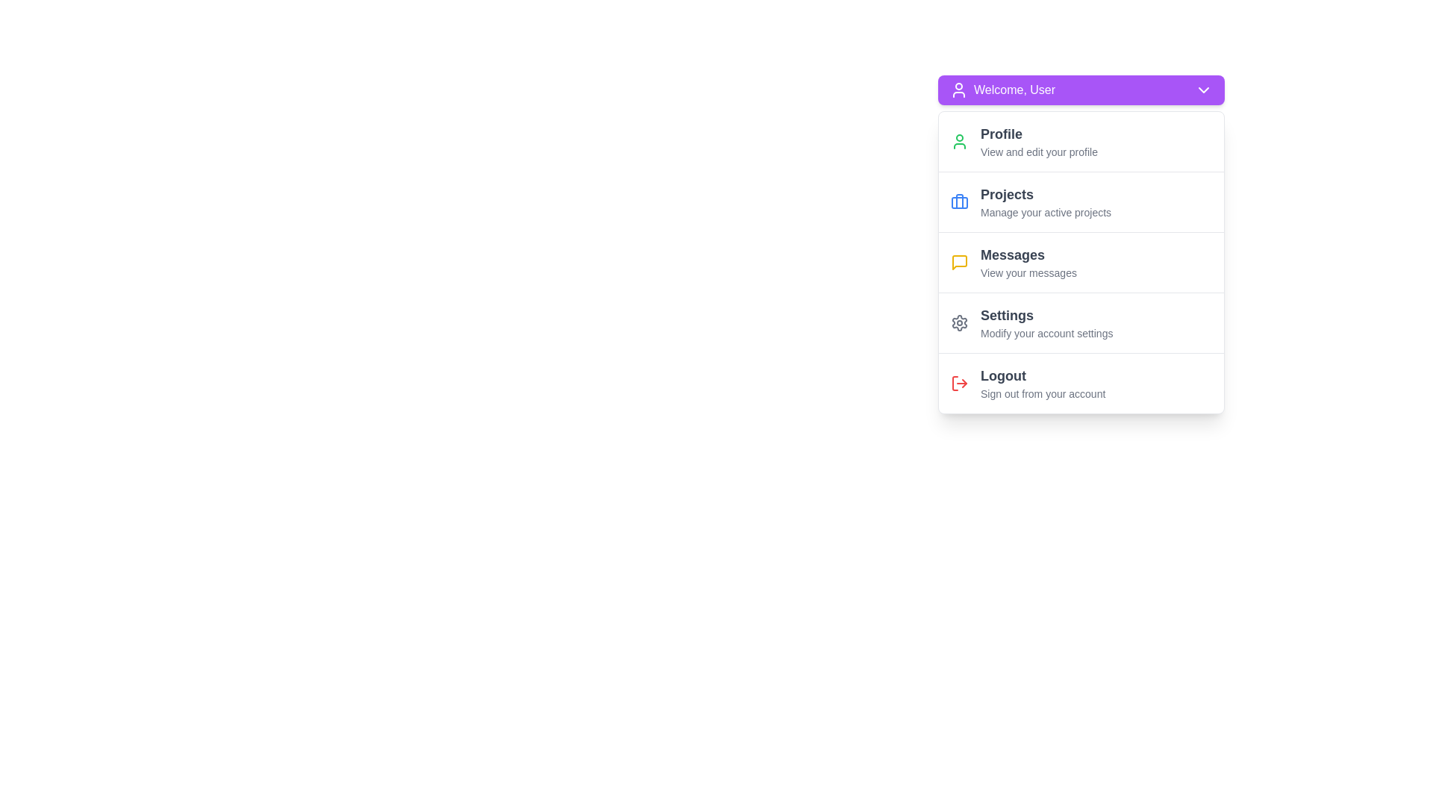 This screenshot has height=806, width=1433. What do you see at coordinates (1028, 261) in the screenshot?
I see `the 'Messages' text label in the dropdown menu under 'Welcome, User'` at bounding box center [1028, 261].